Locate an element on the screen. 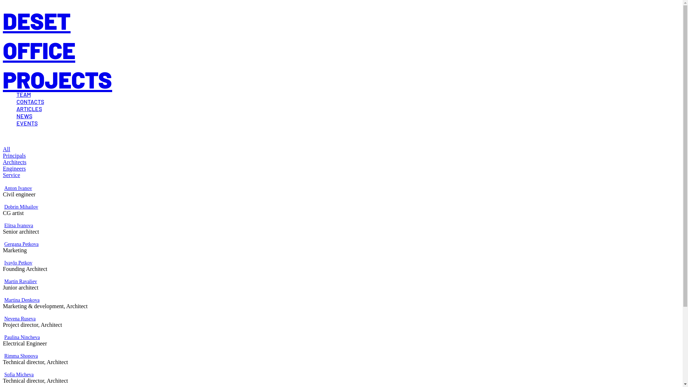  'OFFICE' is located at coordinates (39, 49).